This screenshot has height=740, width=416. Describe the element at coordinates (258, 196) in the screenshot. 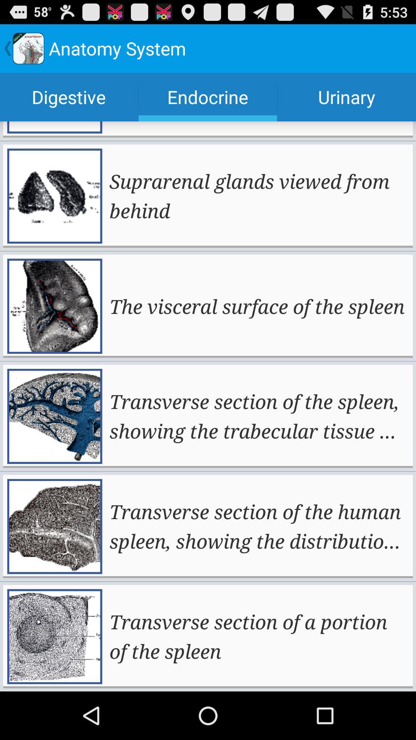

I see `the item above the visceral surface` at that location.